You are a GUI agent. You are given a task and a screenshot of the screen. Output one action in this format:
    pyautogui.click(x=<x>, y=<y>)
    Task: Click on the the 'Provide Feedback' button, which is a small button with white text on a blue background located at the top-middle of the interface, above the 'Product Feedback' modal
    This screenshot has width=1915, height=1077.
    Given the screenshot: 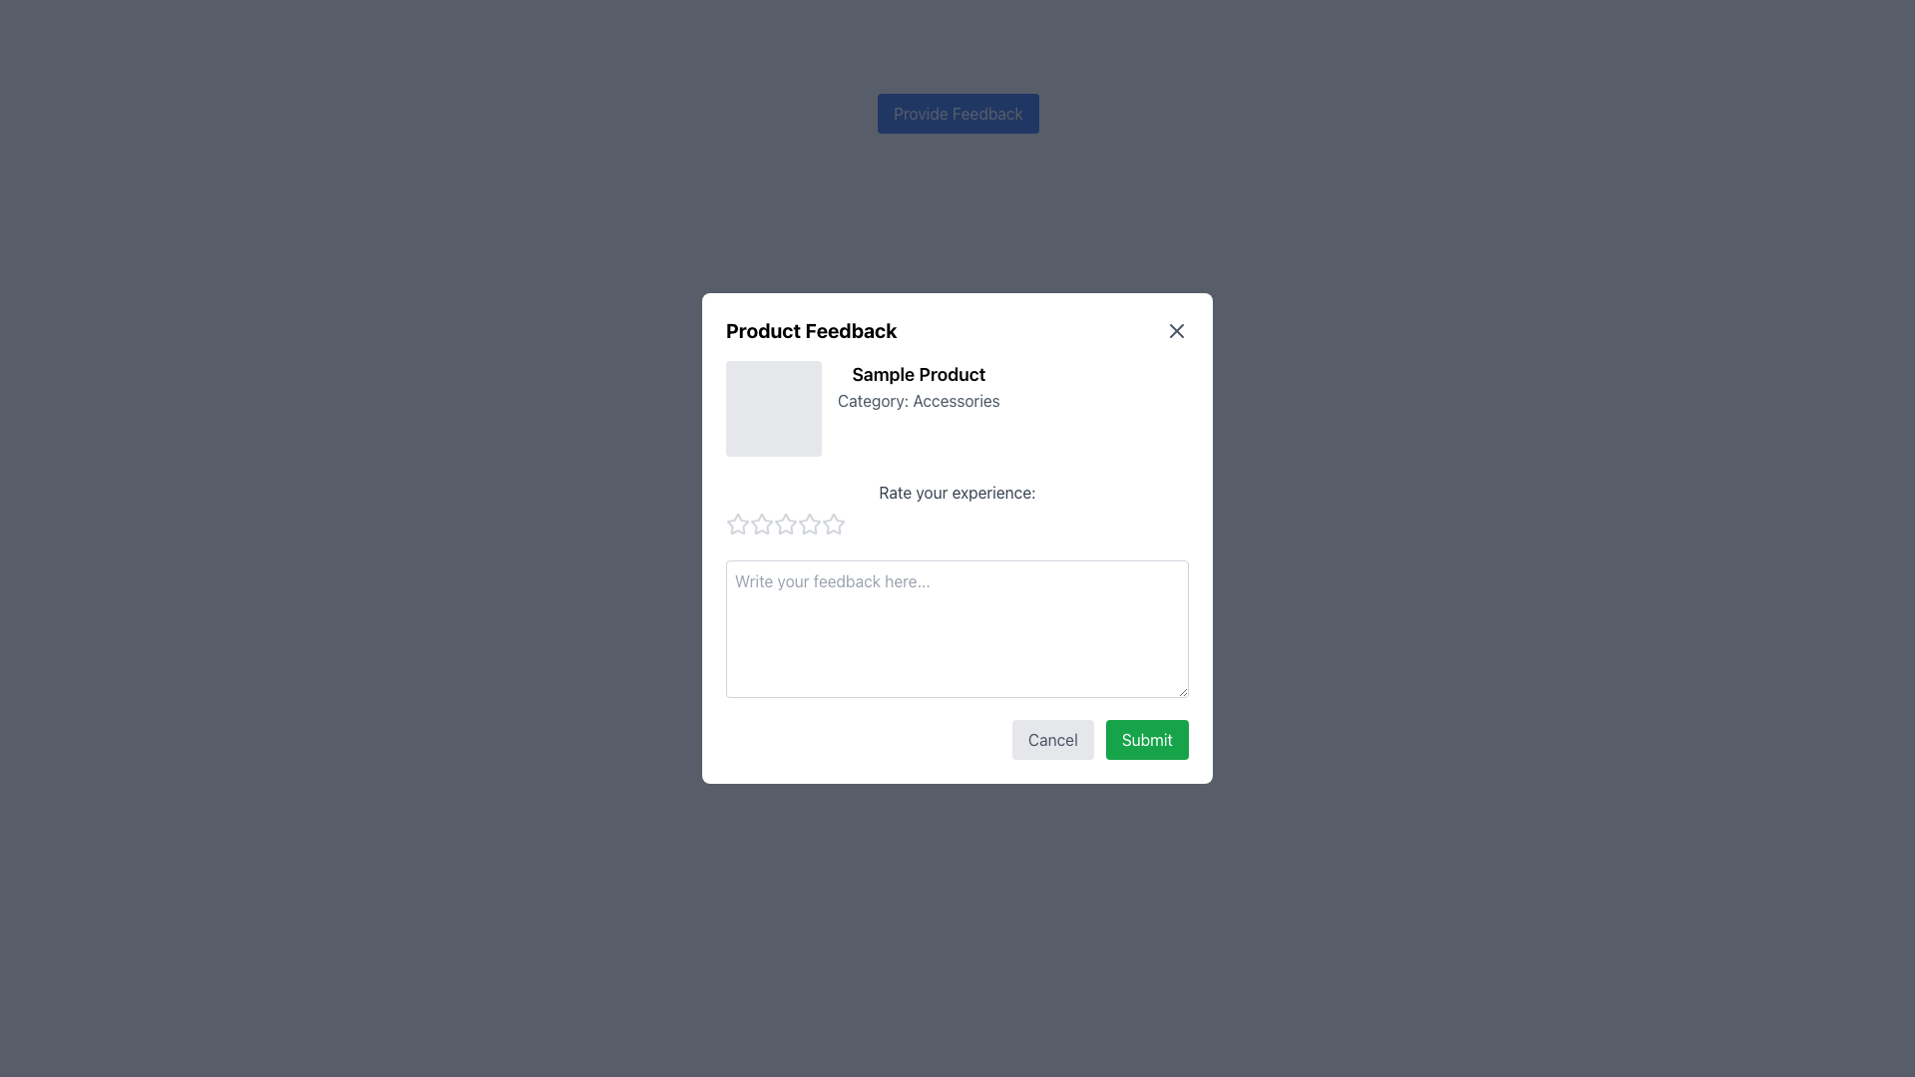 What is the action you would take?
    pyautogui.click(x=957, y=114)
    